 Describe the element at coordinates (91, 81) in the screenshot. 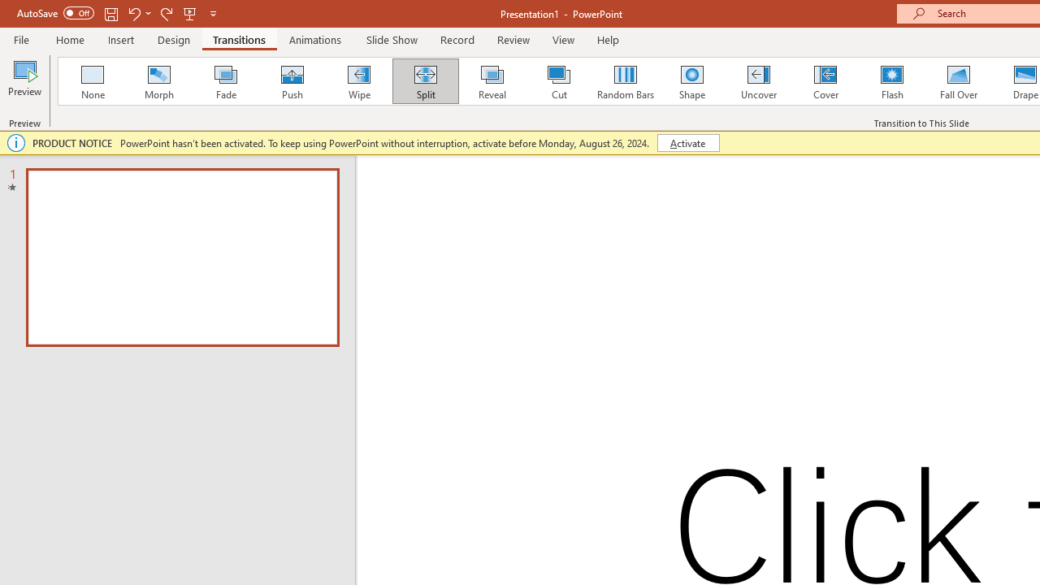

I see `'None'` at that location.